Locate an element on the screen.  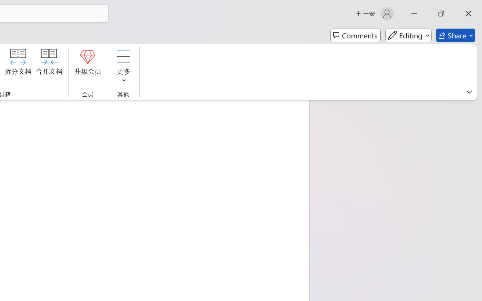
'Comments' is located at coordinates (355, 35).